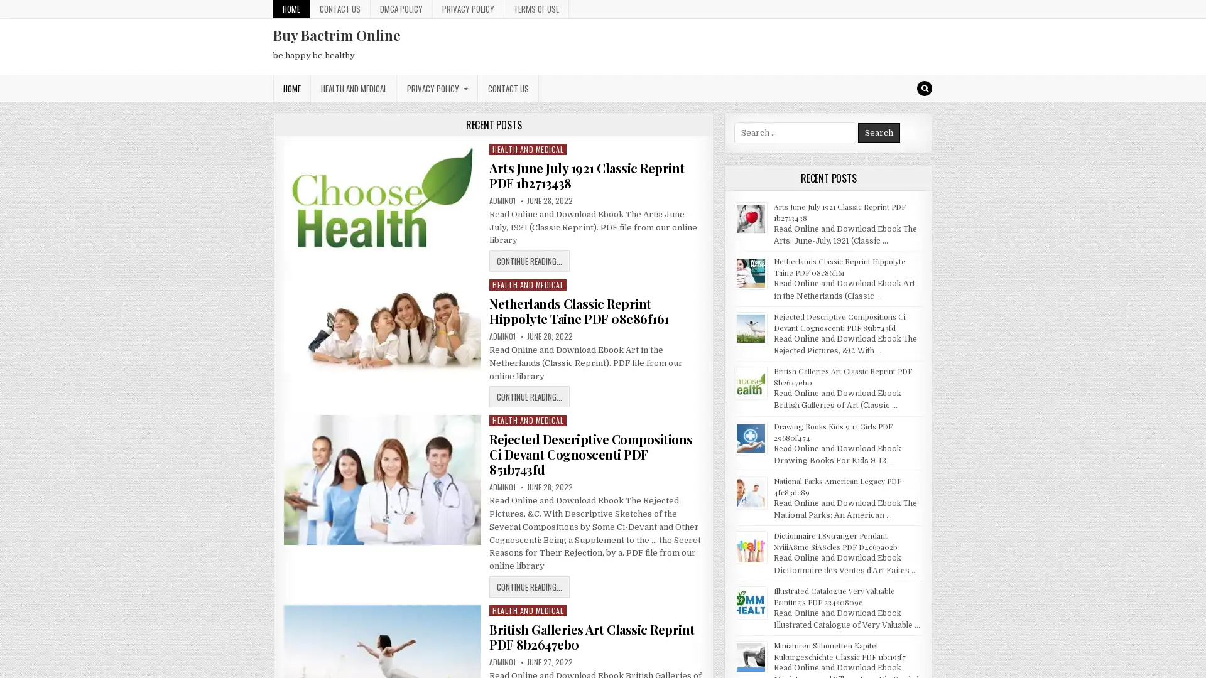 Image resolution: width=1206 pixels, height=678 pixels. Describe the element at coordinates (878, 132) in the screenshot. I see `Search` at that location.